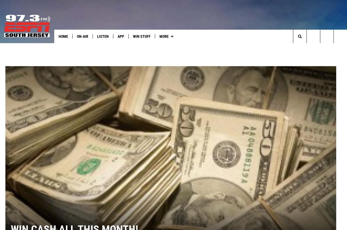 The width and height of the screenshot is (347, 230). Describe the element at coordinates (141, 36) in the screenshot. I see `'Win Stuff'` at that location.